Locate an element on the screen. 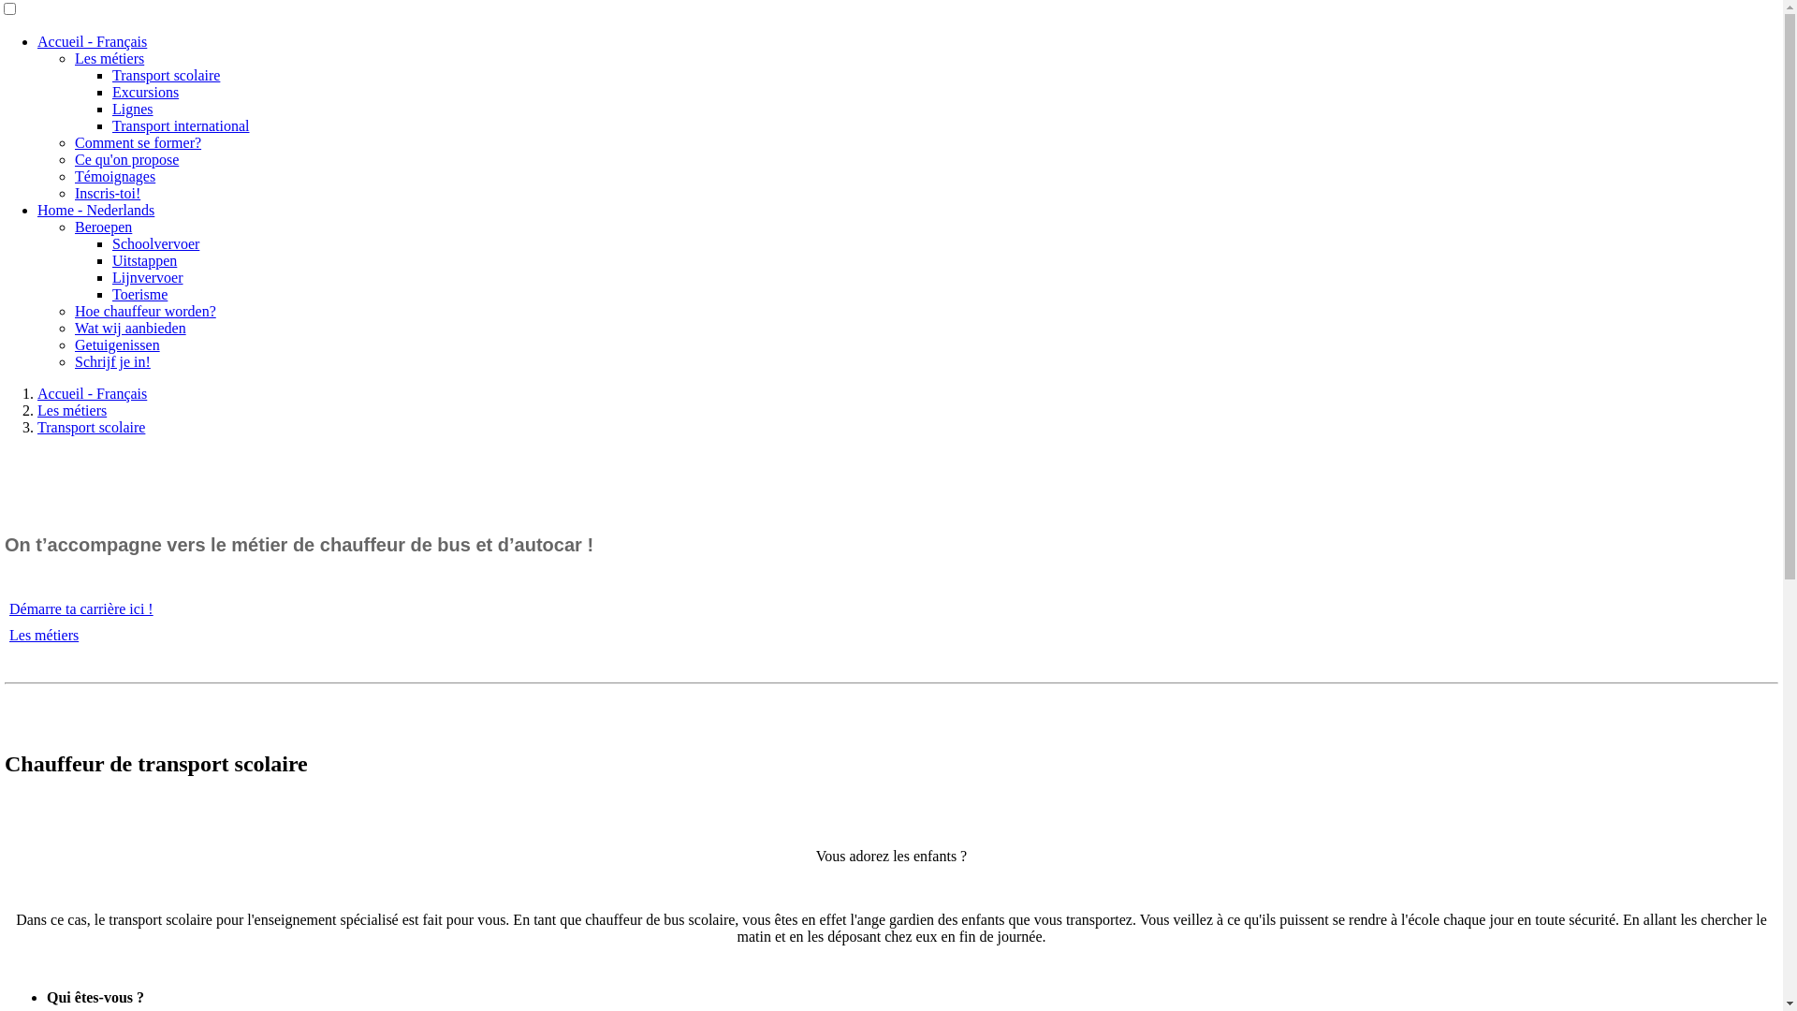 Image resolution: width=1797 pixels, height=1011 pixels. 'Schrijf je in!' is located at coordinates (111, 361).